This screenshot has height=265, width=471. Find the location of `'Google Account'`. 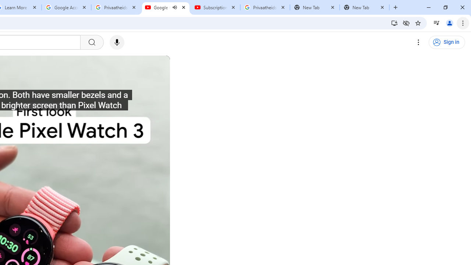

'Google Account' is located at coordinates (66, 7).